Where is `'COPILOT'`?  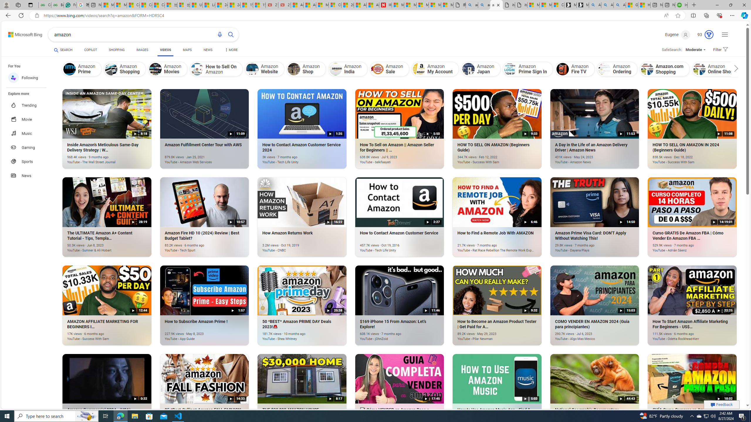 'COPILOT' is located at coordinates (90, 50).